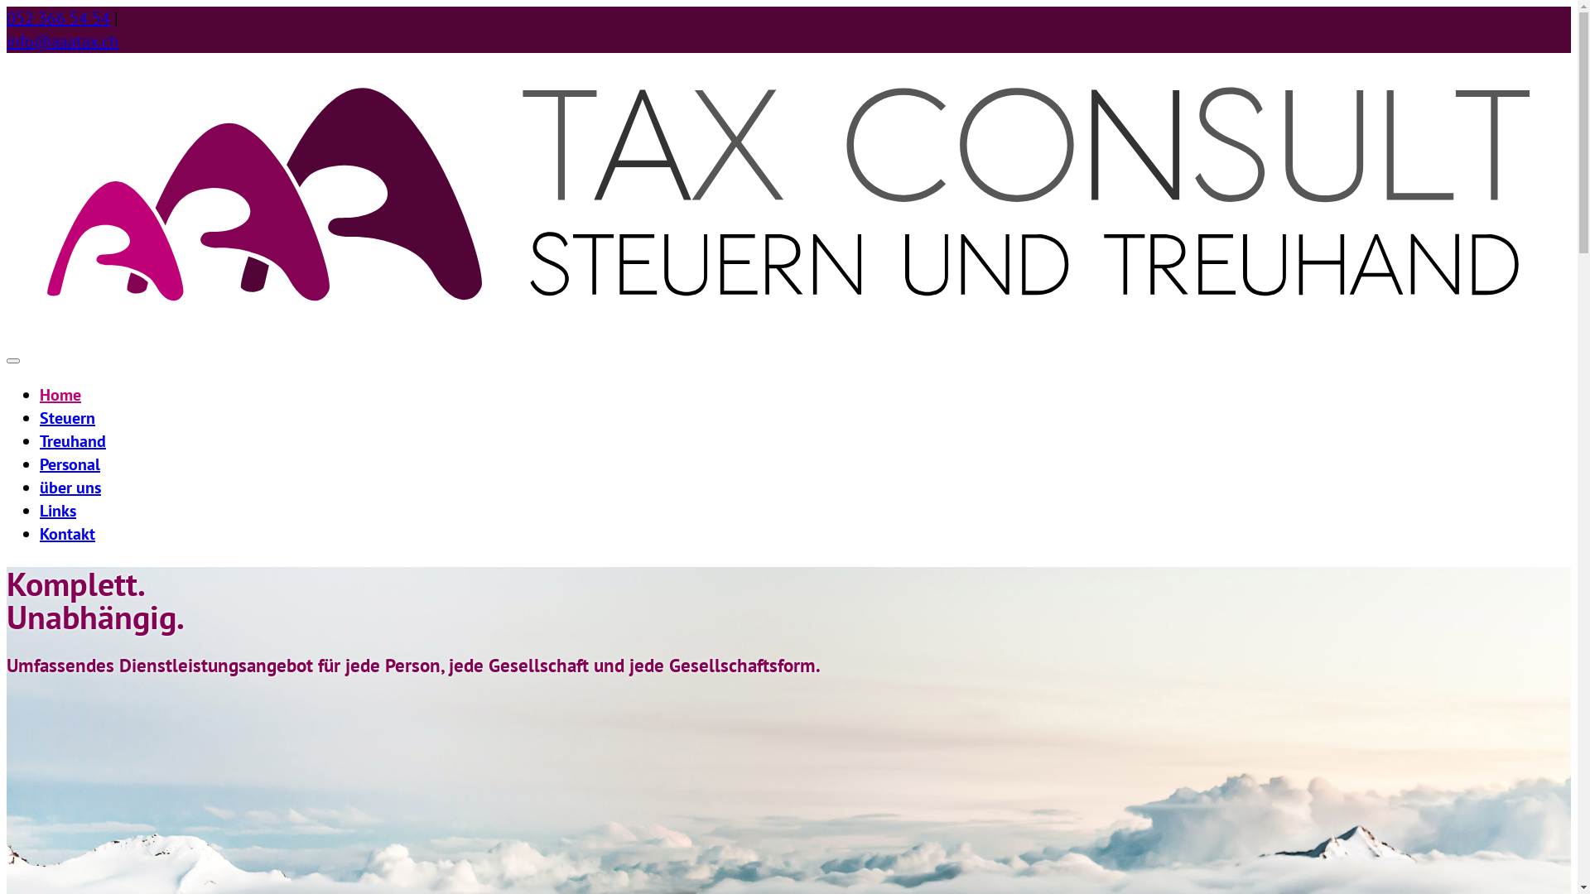 The width and height of the screenshot is (1590, 894). I want to click on 'Kontakt', so click(66, 533).